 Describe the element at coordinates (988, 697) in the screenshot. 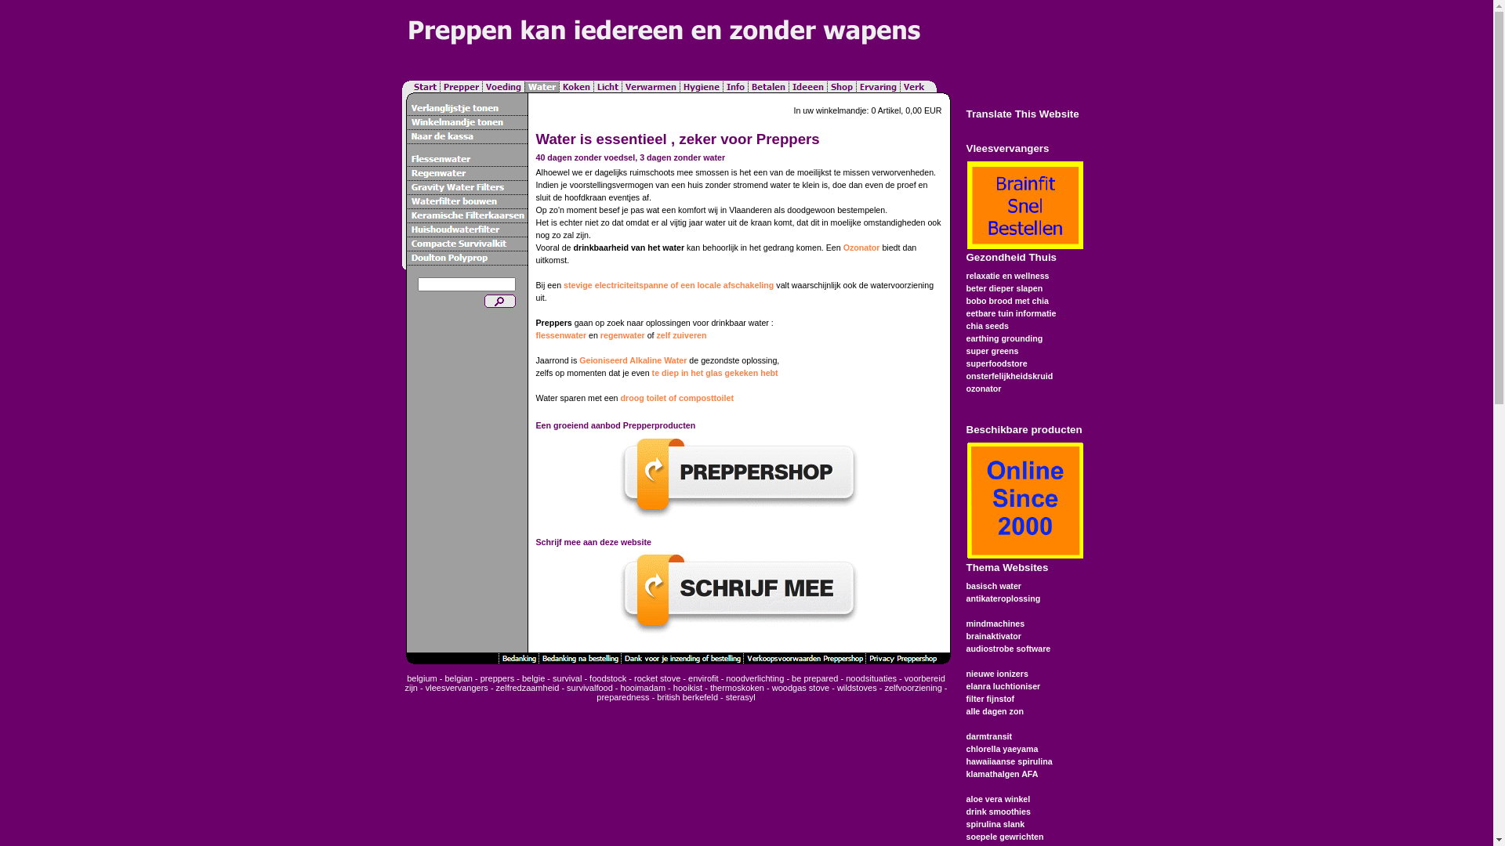

I see `'filter fijnstof'` at that location.